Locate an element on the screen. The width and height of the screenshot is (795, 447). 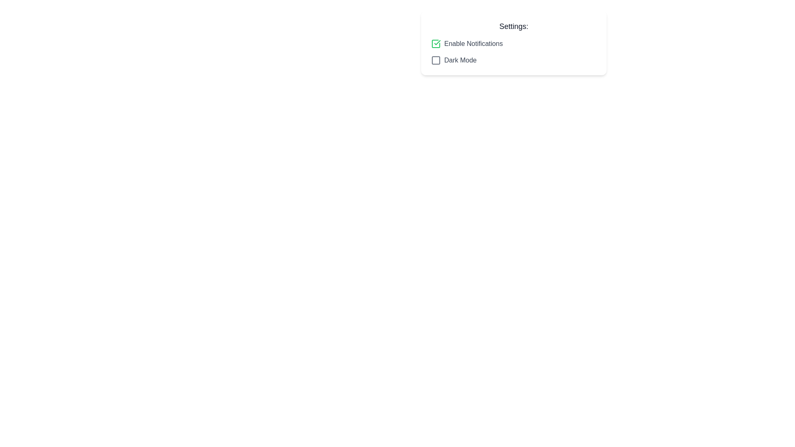
the checkbox for 'Dark Mode' to toggle its state is located at coordinates (435, 60).